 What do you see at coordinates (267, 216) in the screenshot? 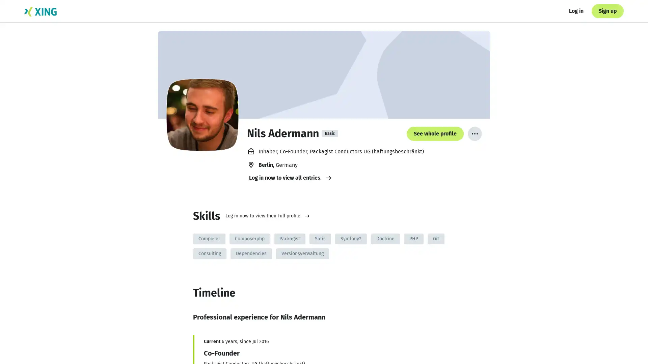
I see `Log in now to view their full profile.` at bounding box center [267, 216].